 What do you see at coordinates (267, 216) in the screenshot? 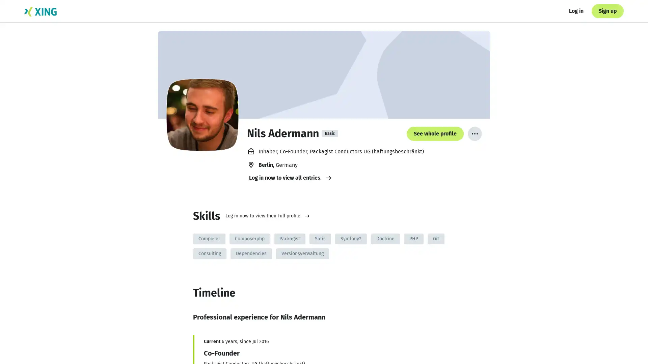
I see `Log in now to view their full profile.` at bounding box center [267, 216].